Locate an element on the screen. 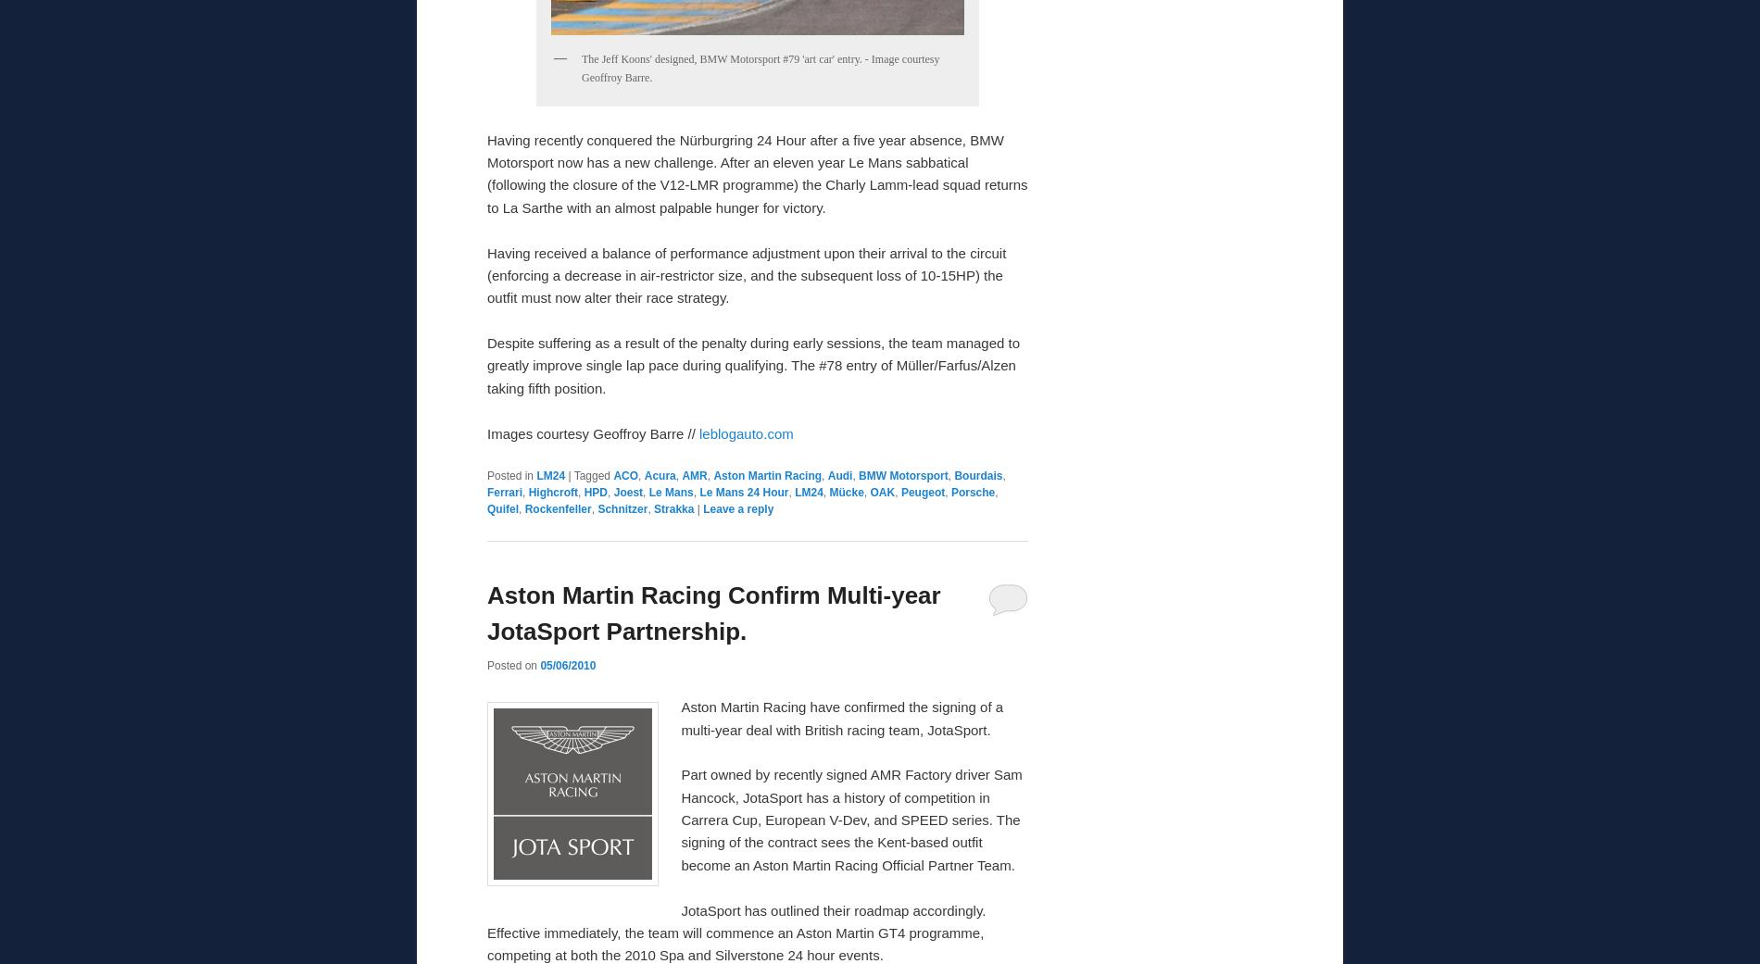 The image size is (1760, 964). 'Mücke' is located at coordinates (845, 492).